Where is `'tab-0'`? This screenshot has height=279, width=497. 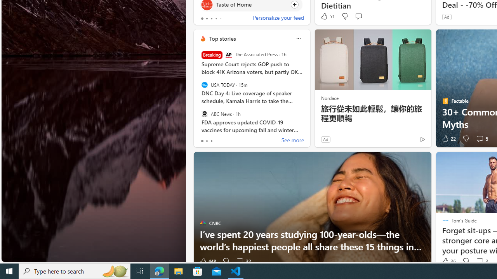 'tab-0' is located at coordinates (202, 141).